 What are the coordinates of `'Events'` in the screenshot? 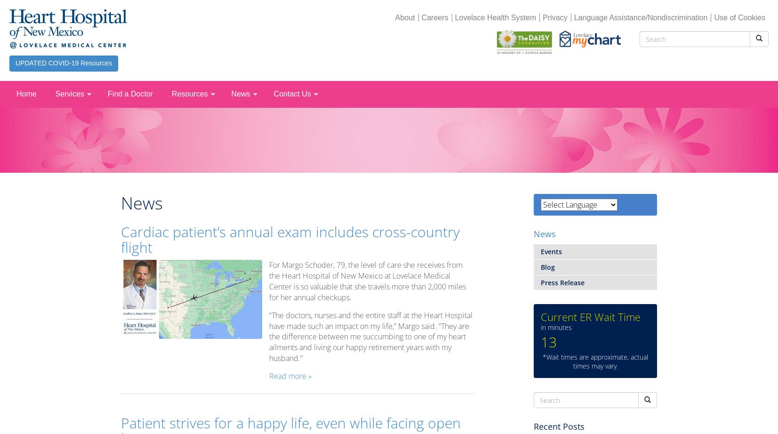 It's located at (551, 251).